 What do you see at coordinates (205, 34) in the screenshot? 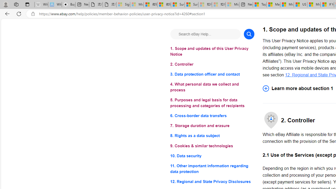
I see `'Search eBay Help...'` at bounding box center [205, 34].